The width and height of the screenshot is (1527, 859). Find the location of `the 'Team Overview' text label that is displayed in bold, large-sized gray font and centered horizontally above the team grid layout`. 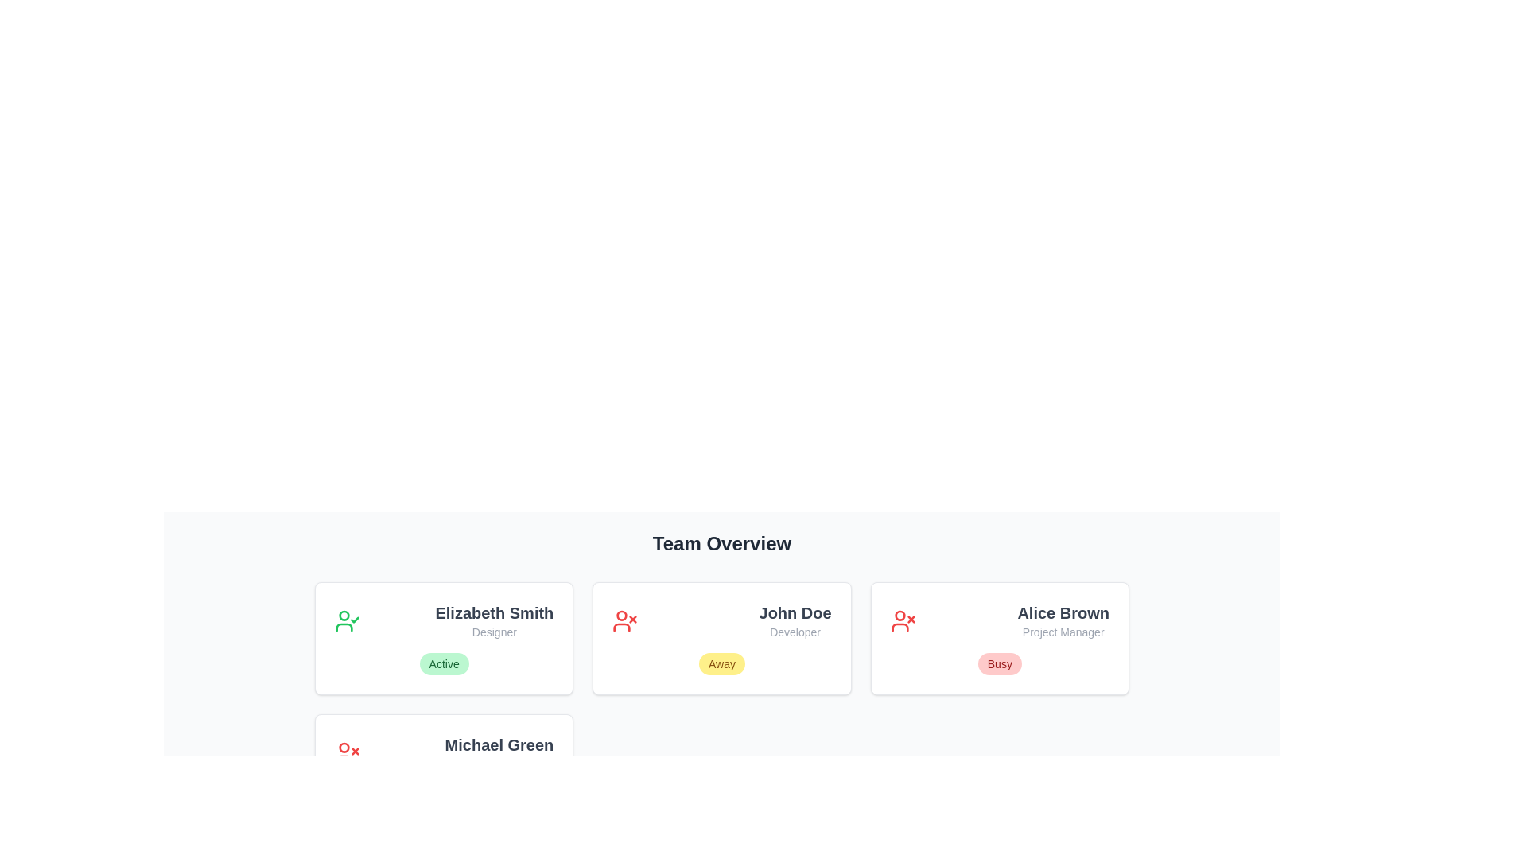

the 'Team Overview' text label that is displayed in bold, large-sized gray font and centered horizontally above the team grid layout is located at coordinates (721, 542).